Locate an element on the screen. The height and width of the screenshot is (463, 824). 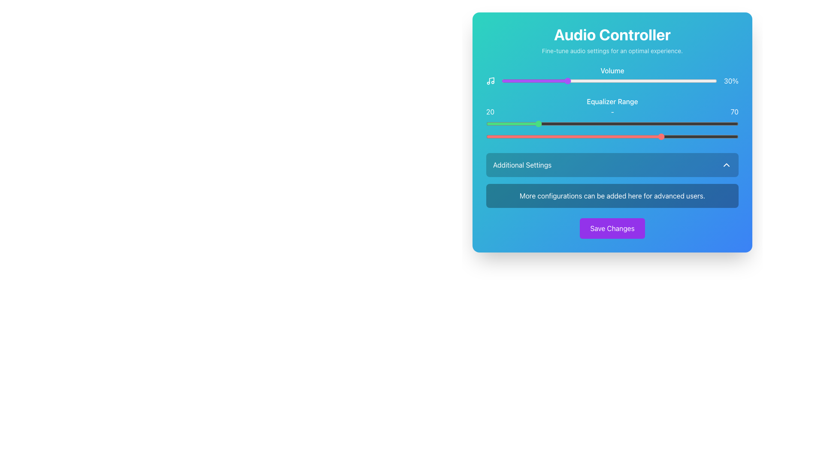
the volume slider is located at coordinates (506, 81).